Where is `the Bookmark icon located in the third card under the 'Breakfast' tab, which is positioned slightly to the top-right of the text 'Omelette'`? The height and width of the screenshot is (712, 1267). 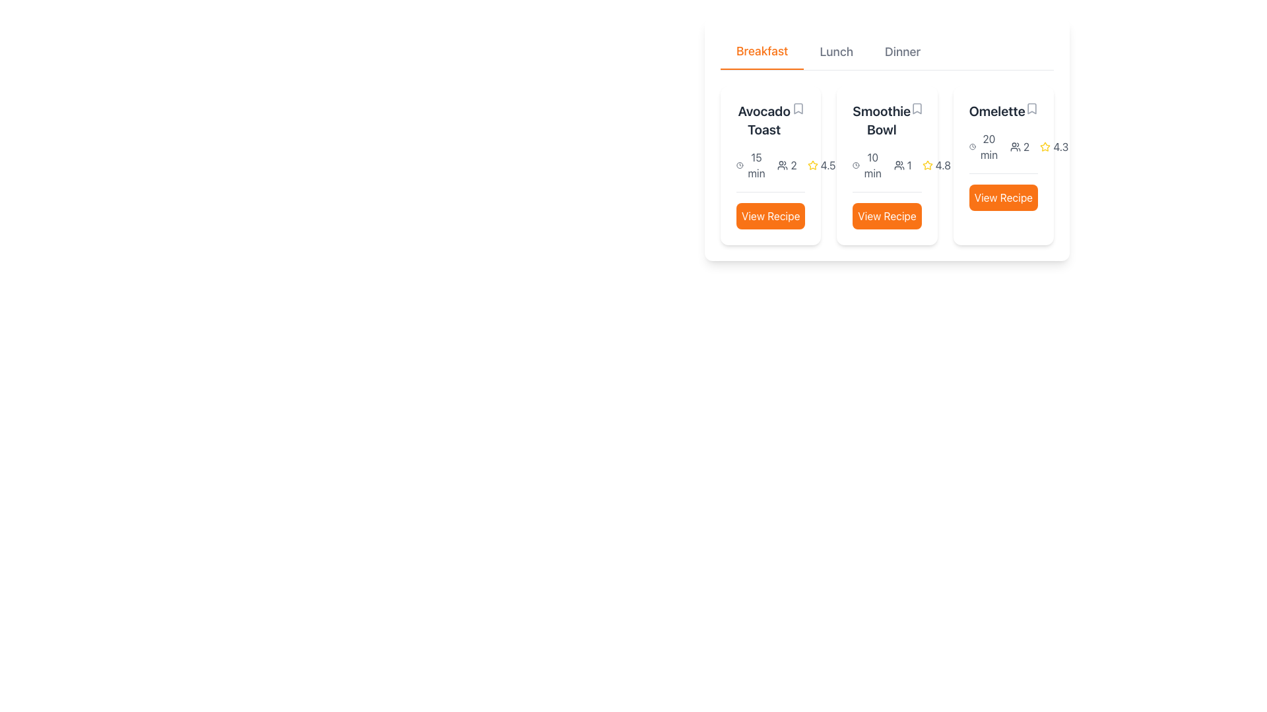 the Bookmark icon located in the third card under the 'Breakfast' tab, which is positioned slightly to the top-right of the text 'Omelette' is located at coordinates (1031, 108).